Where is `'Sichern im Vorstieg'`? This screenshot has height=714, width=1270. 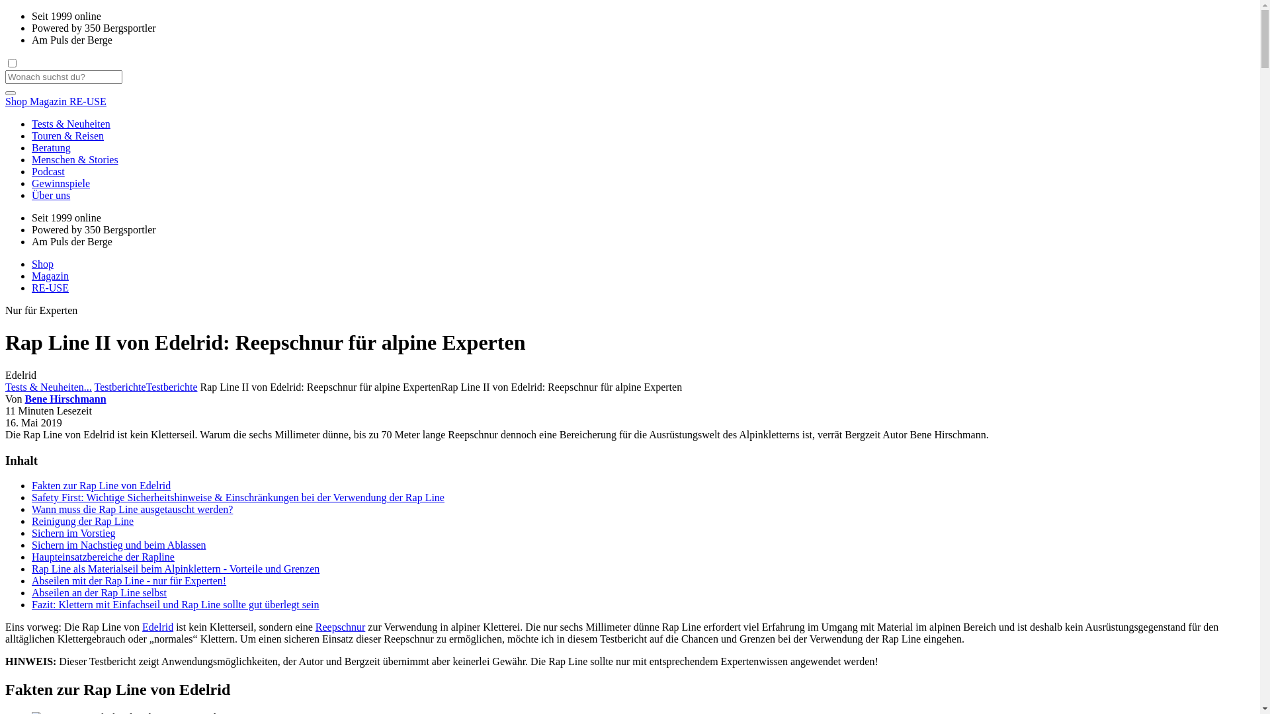 'Sichern im Vorstieg' is located at coordinates (32, 532).